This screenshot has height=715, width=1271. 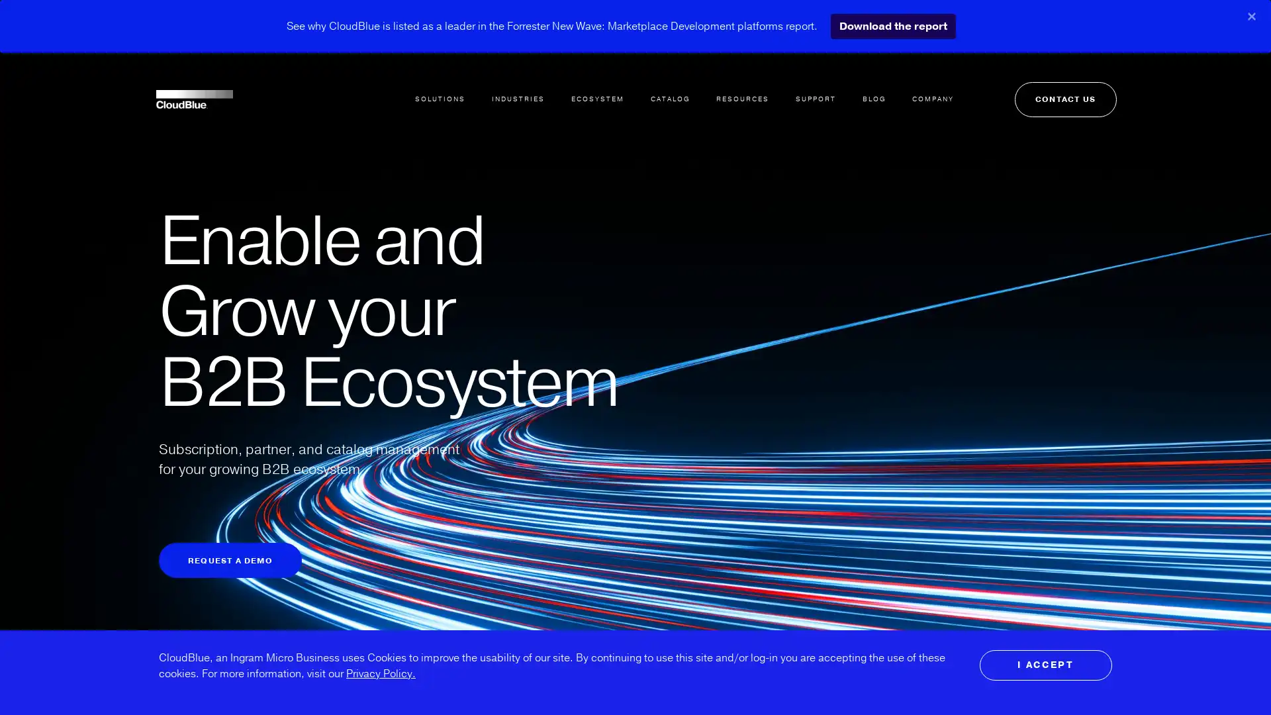 I want to click on CONTACT US, so click(x=1061, y=85).